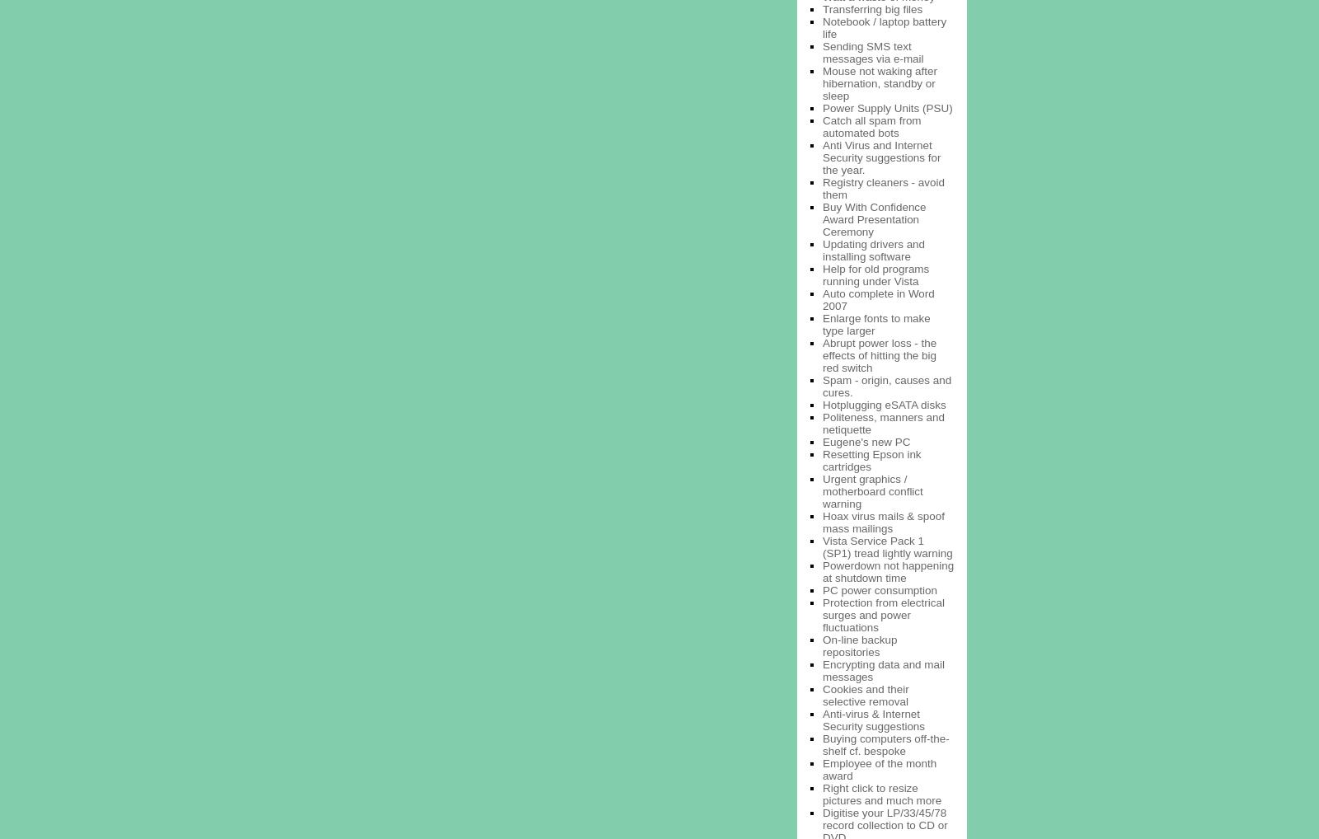 This screenshot has width=1319, height=839. I want to click on 'PC power consumption', so click(822, 588).